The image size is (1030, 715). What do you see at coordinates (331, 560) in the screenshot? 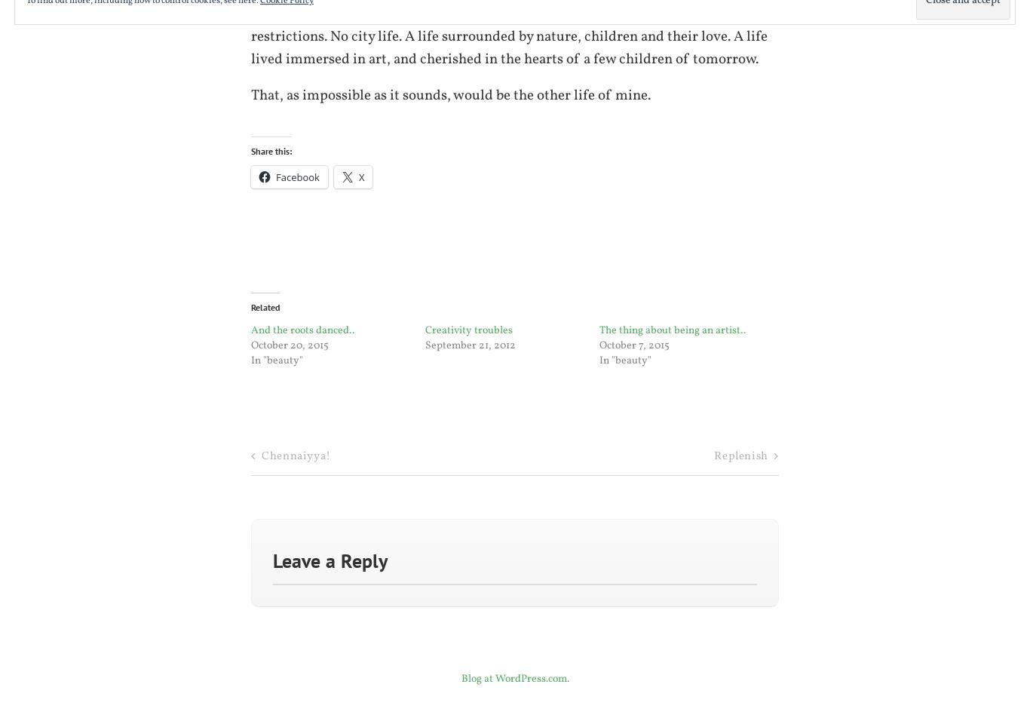
I see `'Leave a Reply'` at bounding box center [331, 560].